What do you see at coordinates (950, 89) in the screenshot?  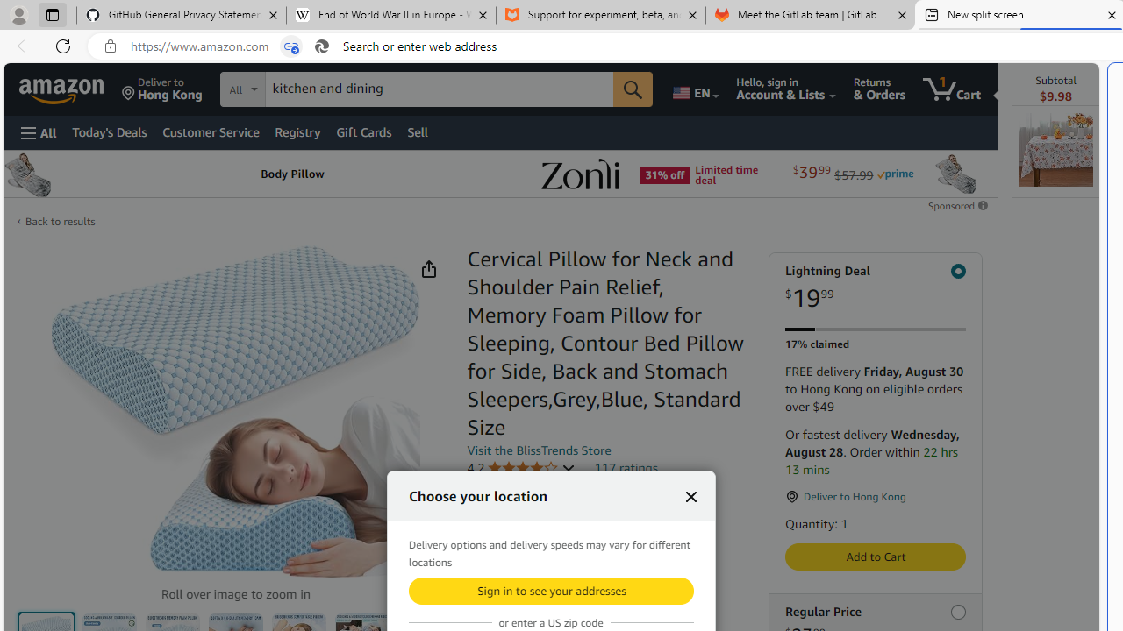 I see `'1 item in cart'` at bounding box center [950, 89].